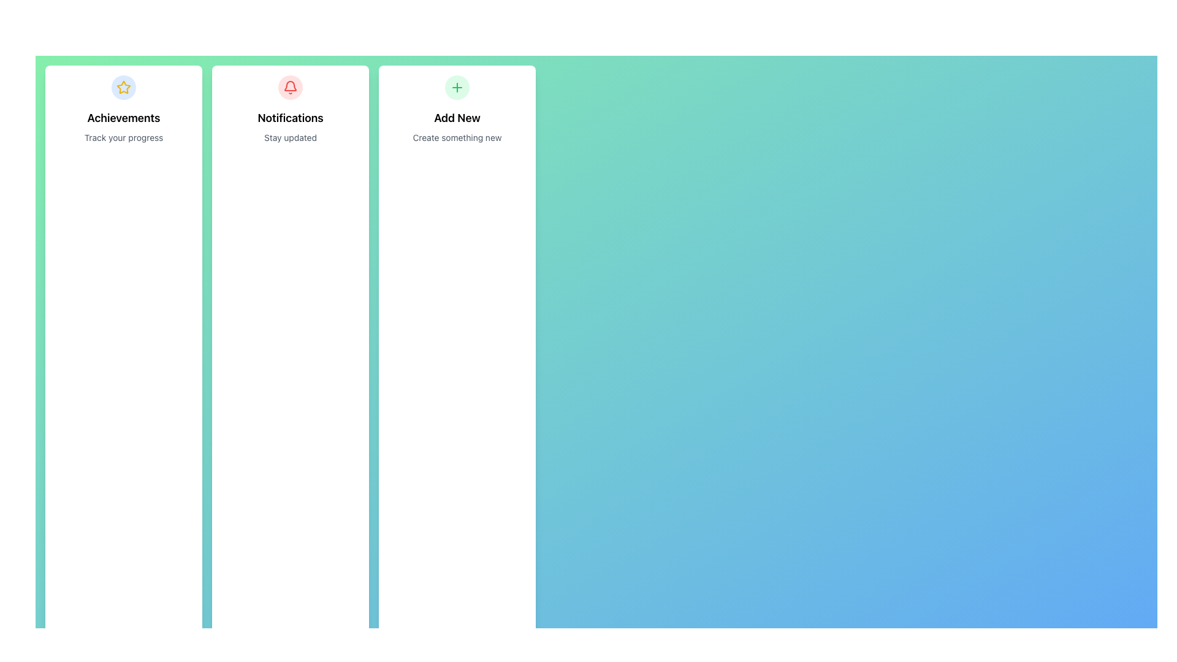 The image size is (1177, 662). I want to click on the yellow star icon with a circular blue background in the 'Achievements' section, positioned centrally below the header icon, so click(123, 86).